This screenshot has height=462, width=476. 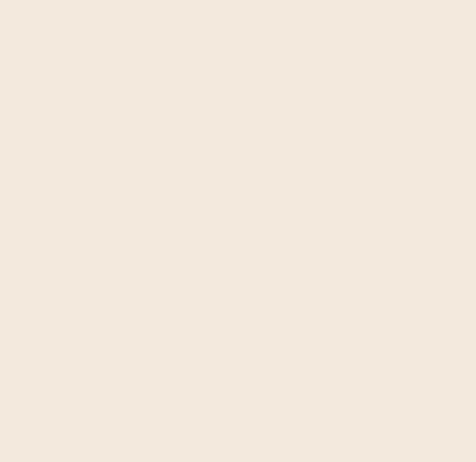 I want to click on 'September 2020', so click(x=392, y=108).